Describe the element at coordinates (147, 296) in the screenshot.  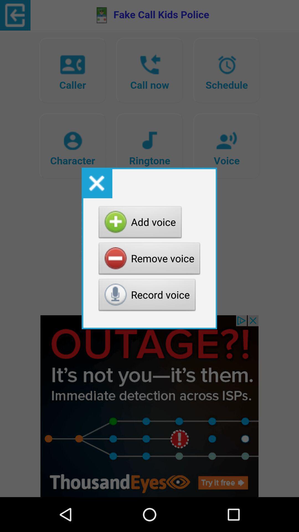
I see `the item below remove voice button` at that location.